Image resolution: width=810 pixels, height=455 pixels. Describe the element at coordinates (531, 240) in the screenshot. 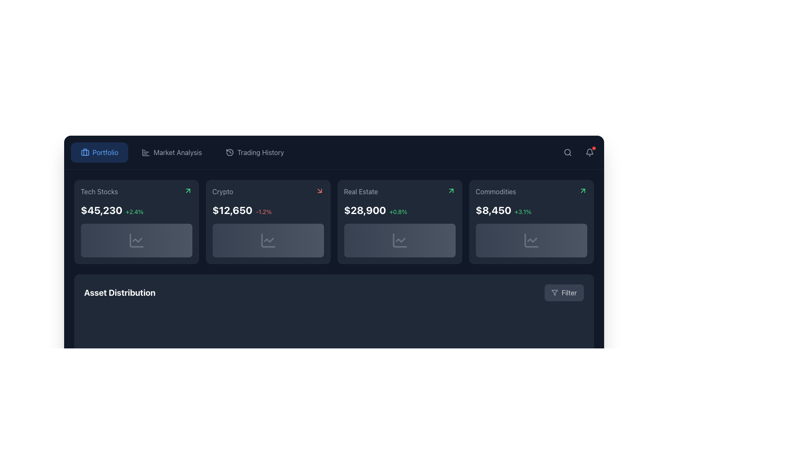

I see `the Visual Display Component located at the bottom of the 'Commodities' card, which features a line chart icon with a red point, by clicking on it` at that location.